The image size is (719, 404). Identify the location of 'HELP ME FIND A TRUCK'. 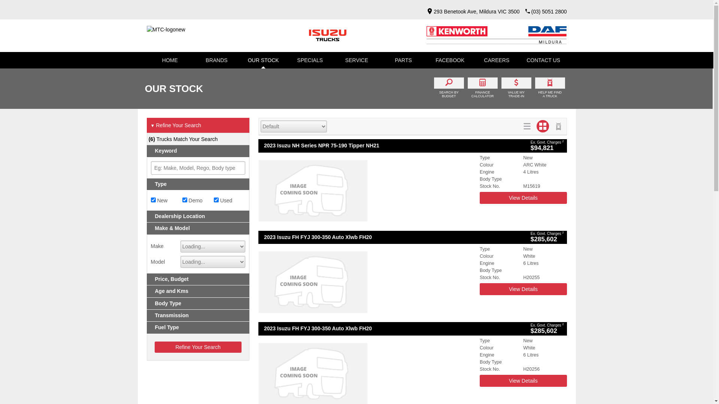
(550, 88).